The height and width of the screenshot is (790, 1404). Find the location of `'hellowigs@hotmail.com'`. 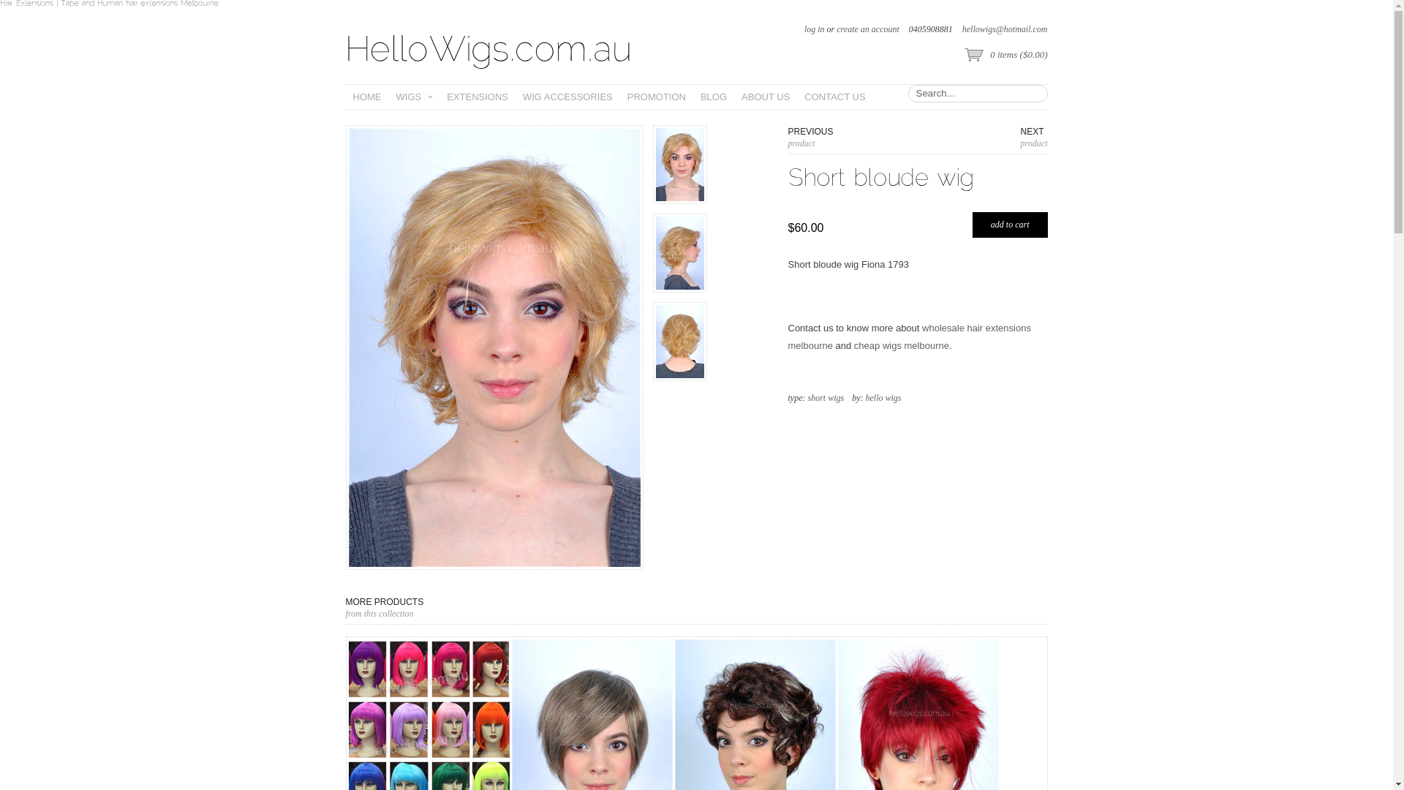

'hellowigs@hotmail.com' is located at coordinates (1004, 29).